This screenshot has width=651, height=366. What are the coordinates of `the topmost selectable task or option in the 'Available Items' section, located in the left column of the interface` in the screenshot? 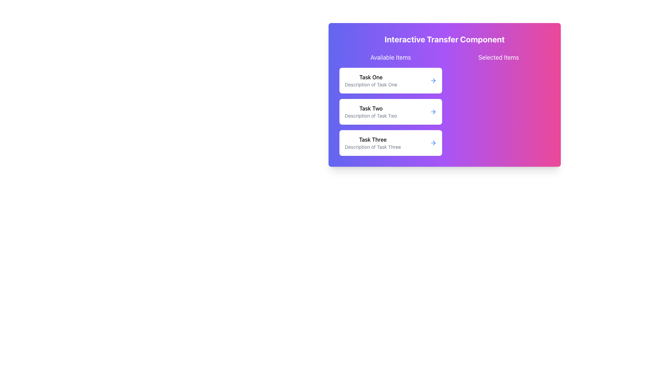 It's located at (371, 80).